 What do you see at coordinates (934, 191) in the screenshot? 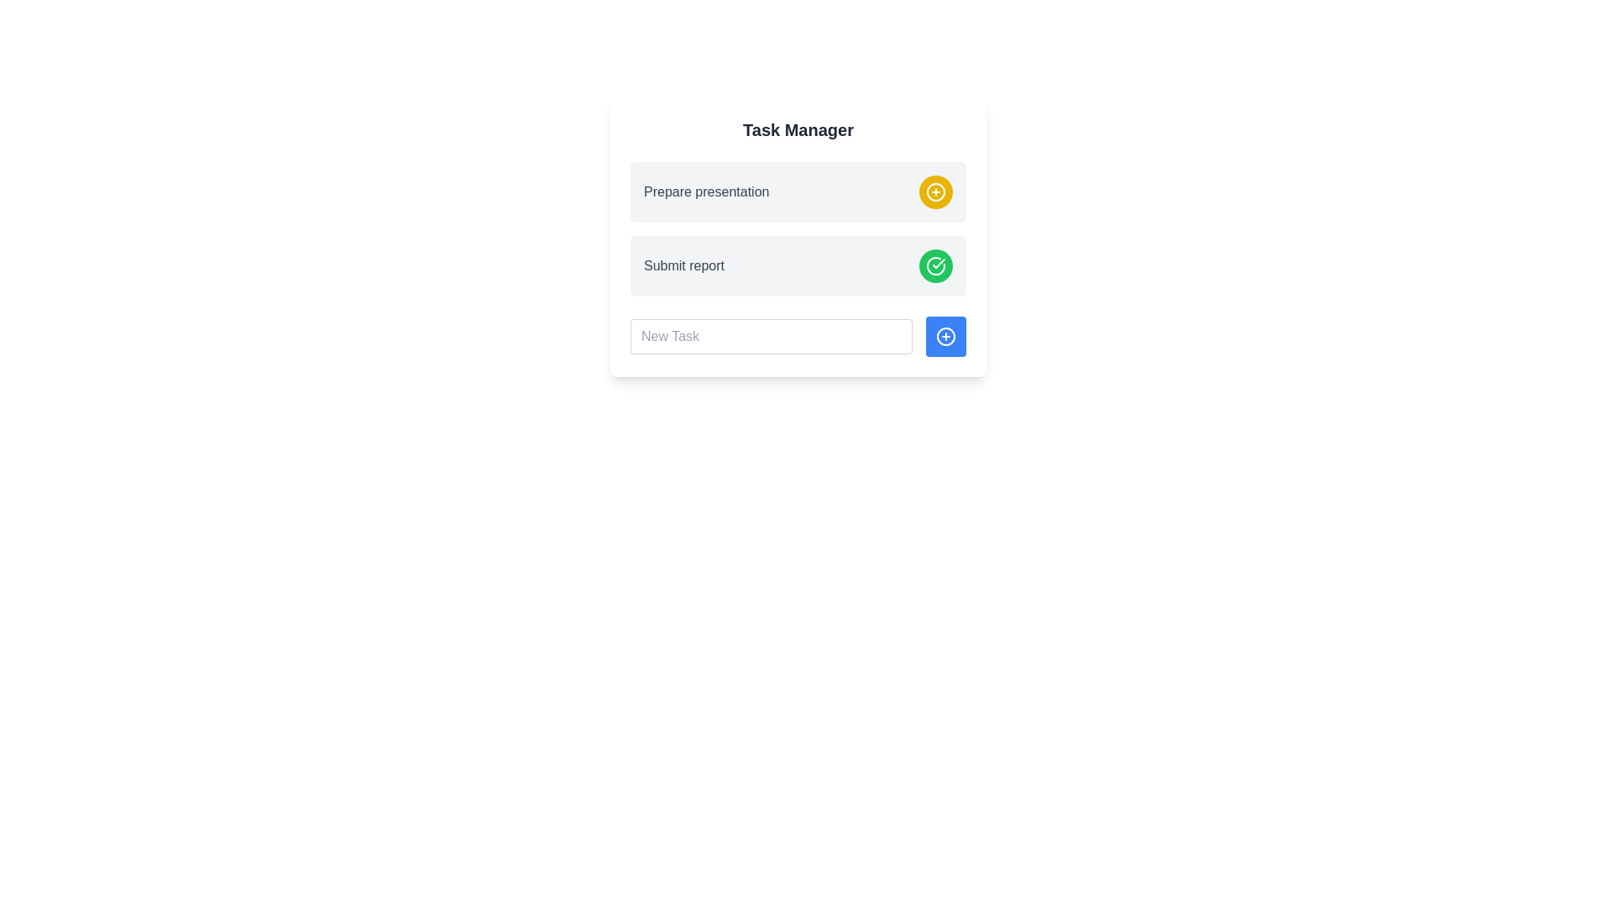
I see `the small, circular yellow button with a white border and a white plus symbol at the center, located in the task item 'Prepare presentation'` at bounding box center [934, 191].